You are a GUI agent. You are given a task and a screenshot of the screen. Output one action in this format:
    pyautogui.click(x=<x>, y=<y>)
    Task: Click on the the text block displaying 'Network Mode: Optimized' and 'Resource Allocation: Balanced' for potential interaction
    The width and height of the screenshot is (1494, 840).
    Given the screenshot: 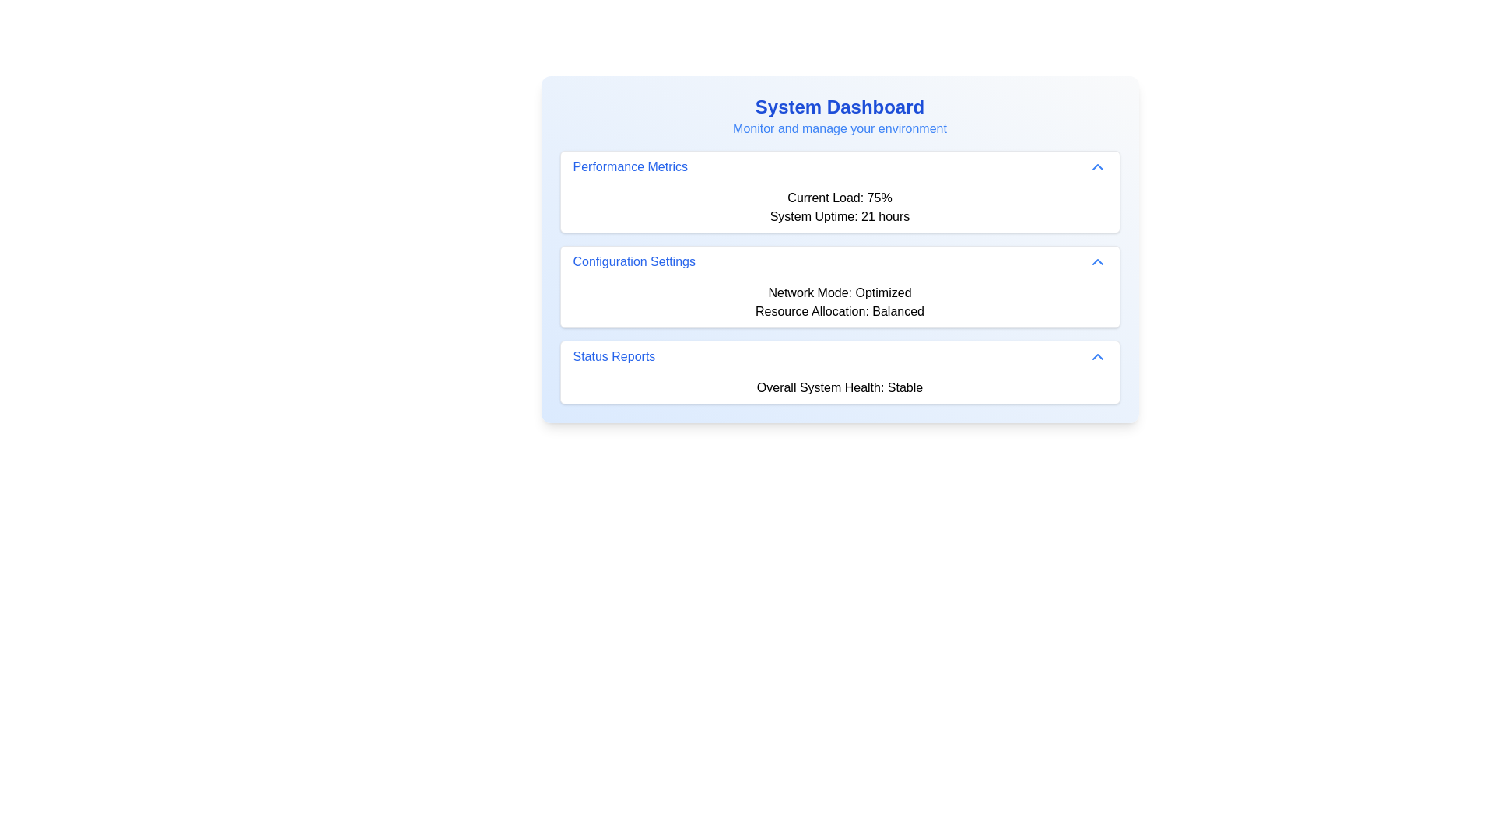 What is the action you would take?
    pyautogui.click(x=839, y=303)
    